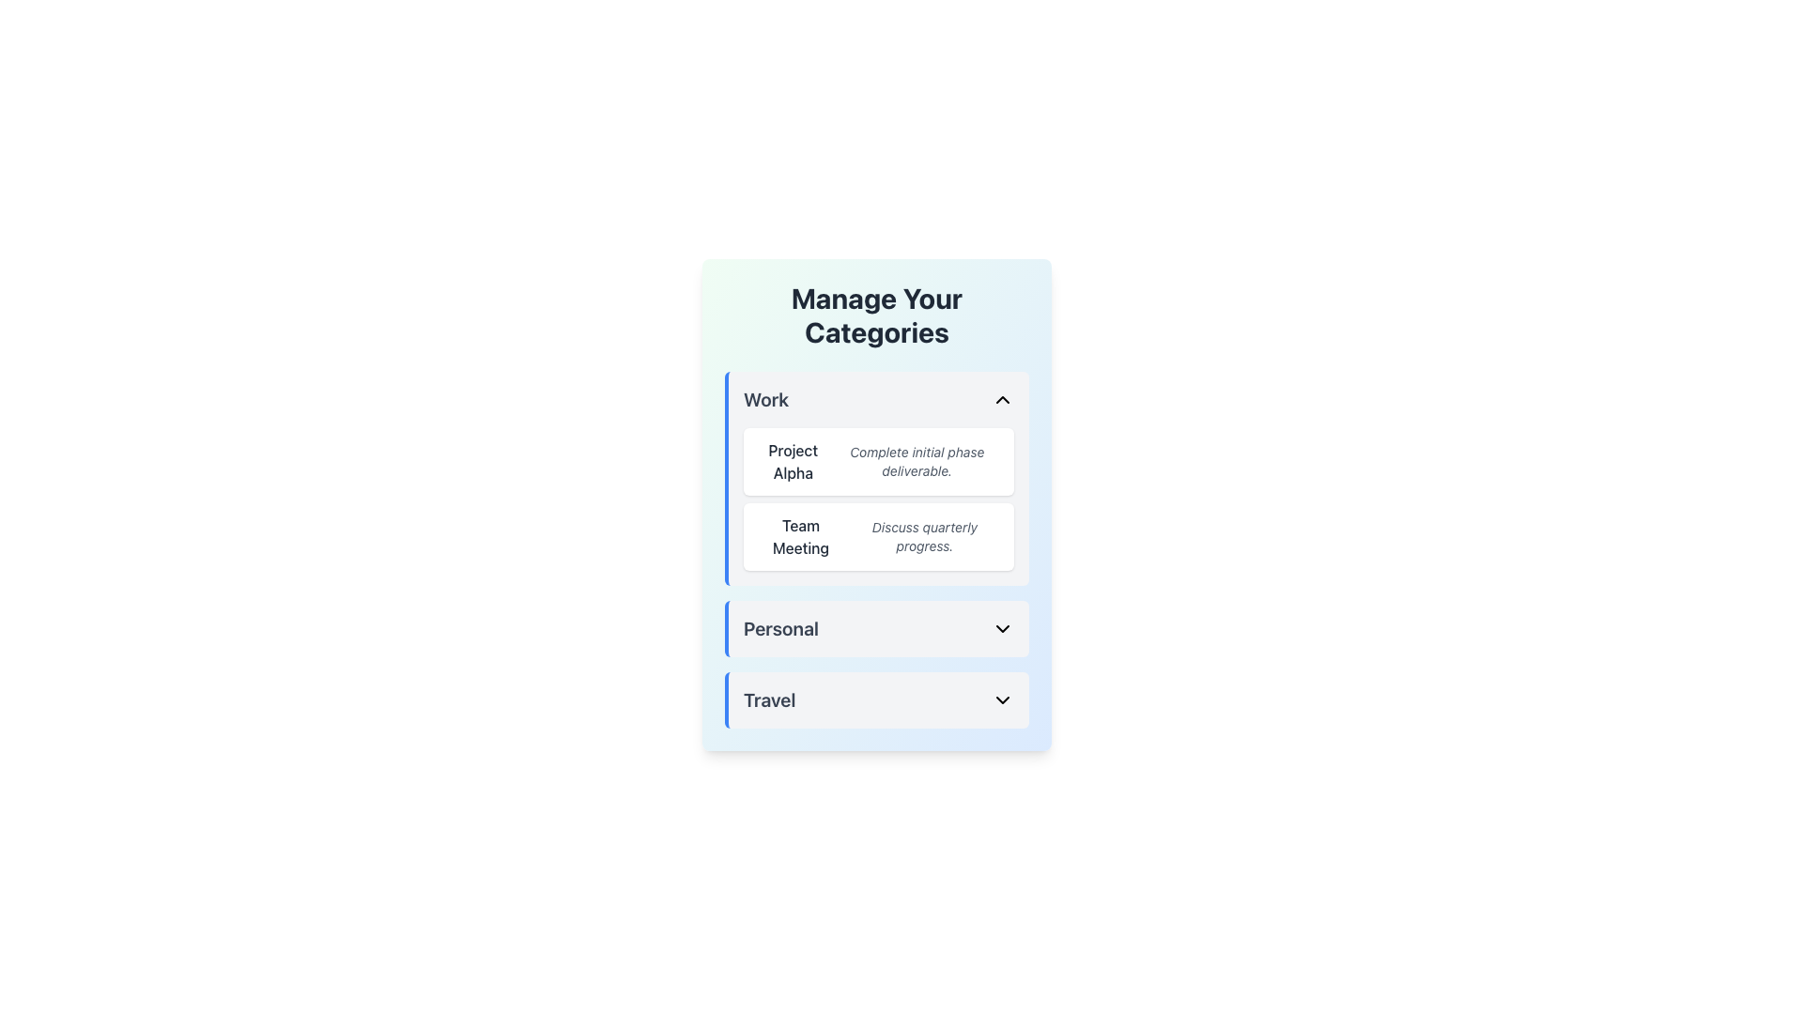 The height and width of the screenshot is (1014, 1803). I want to click on the 'Personal' Dropdown menu toggle, which is a horizontal bar with a downward-facing arrow, positioned as the second section in the list of options, so click(878, 629).